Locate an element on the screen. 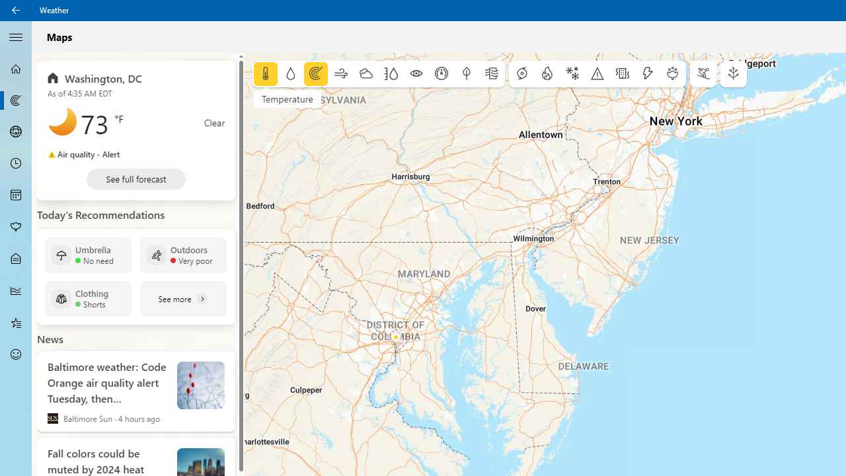  'Historical Weather - Not Selected' is located at coordinates (16, 290).